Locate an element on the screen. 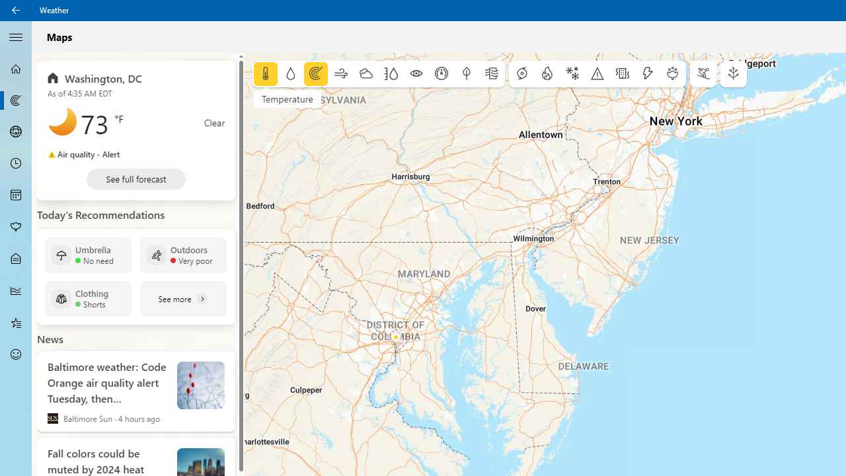  'Historical Weather - Not Selected' is located at coordinates (16, 290).